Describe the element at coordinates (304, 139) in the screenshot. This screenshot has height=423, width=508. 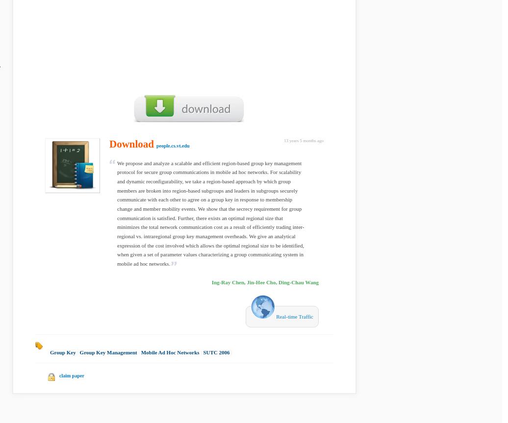
I see `'13 years 5 months  ago'` at that location.